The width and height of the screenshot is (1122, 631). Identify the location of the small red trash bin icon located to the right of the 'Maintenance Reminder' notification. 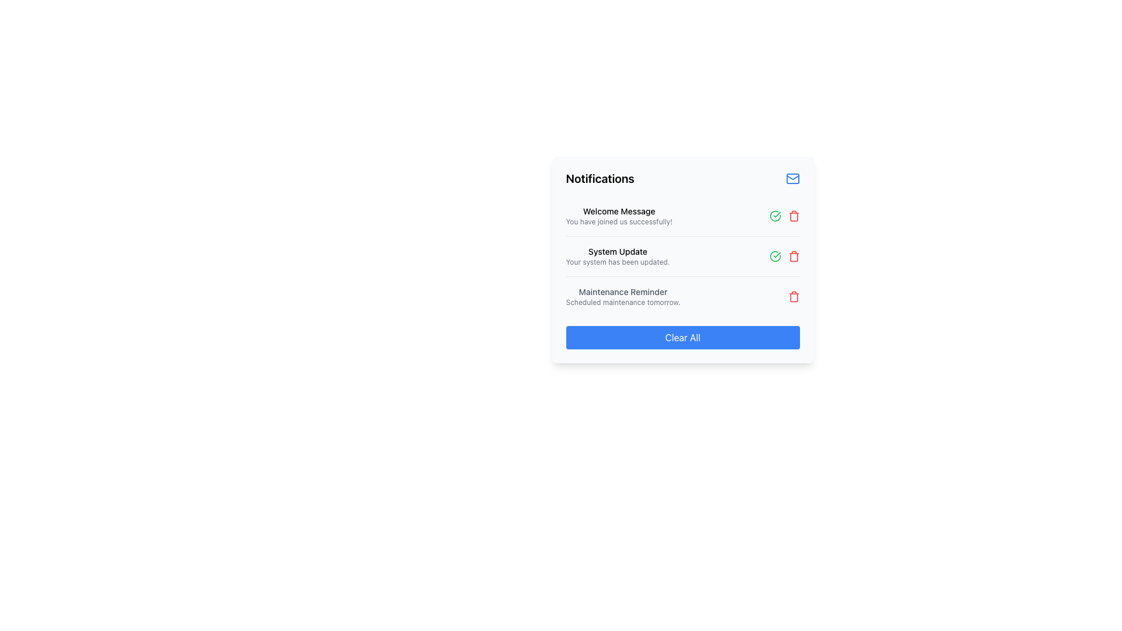
(794, 296).